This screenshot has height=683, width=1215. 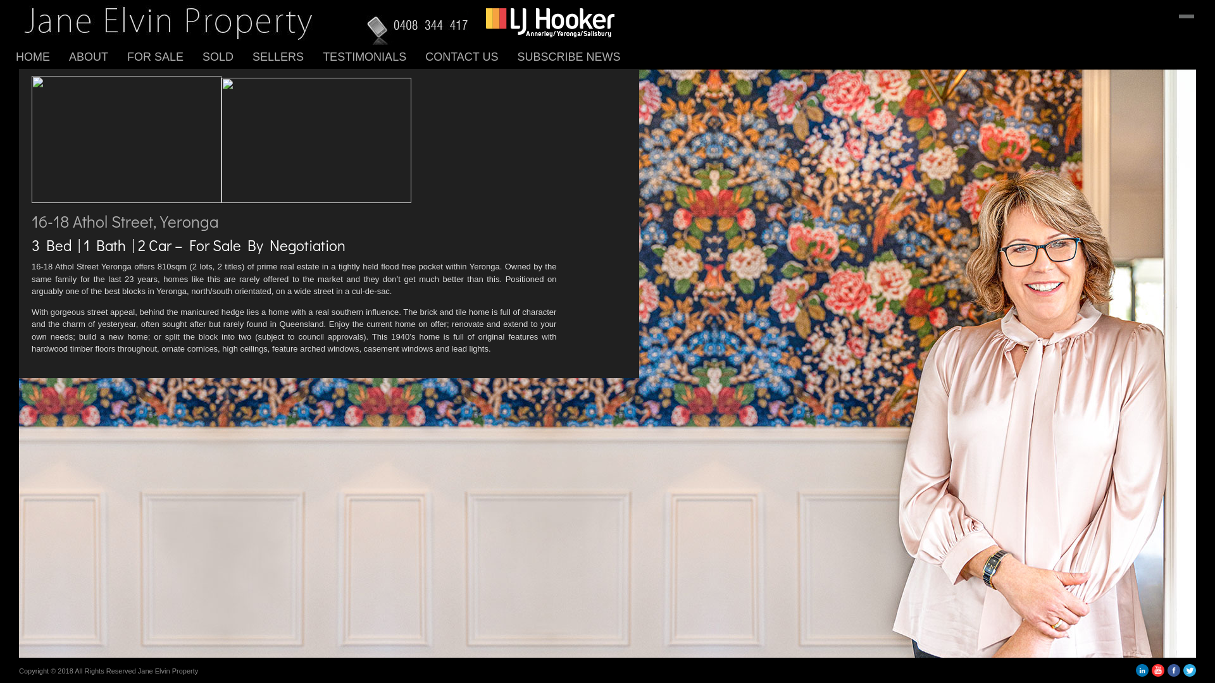 I want to click on 'Youtube', so click(x=1157, y=673).